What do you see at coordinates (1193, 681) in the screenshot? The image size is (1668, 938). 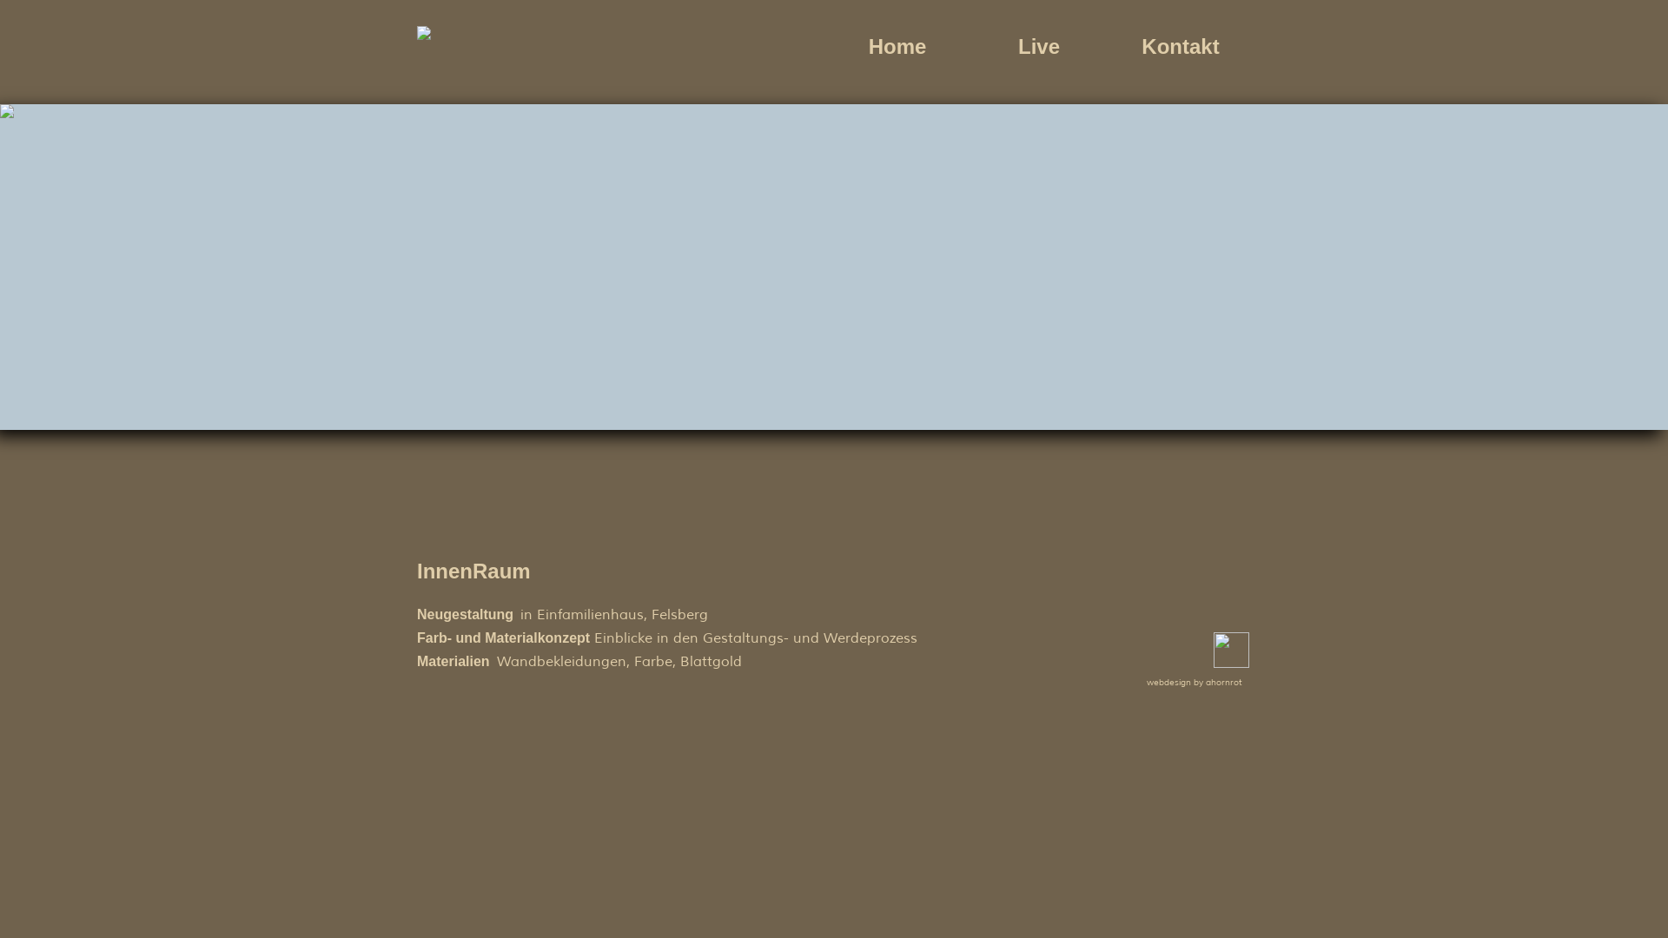 I see `'webdesign by ahornrot'` at bounding box center [1193, 681].